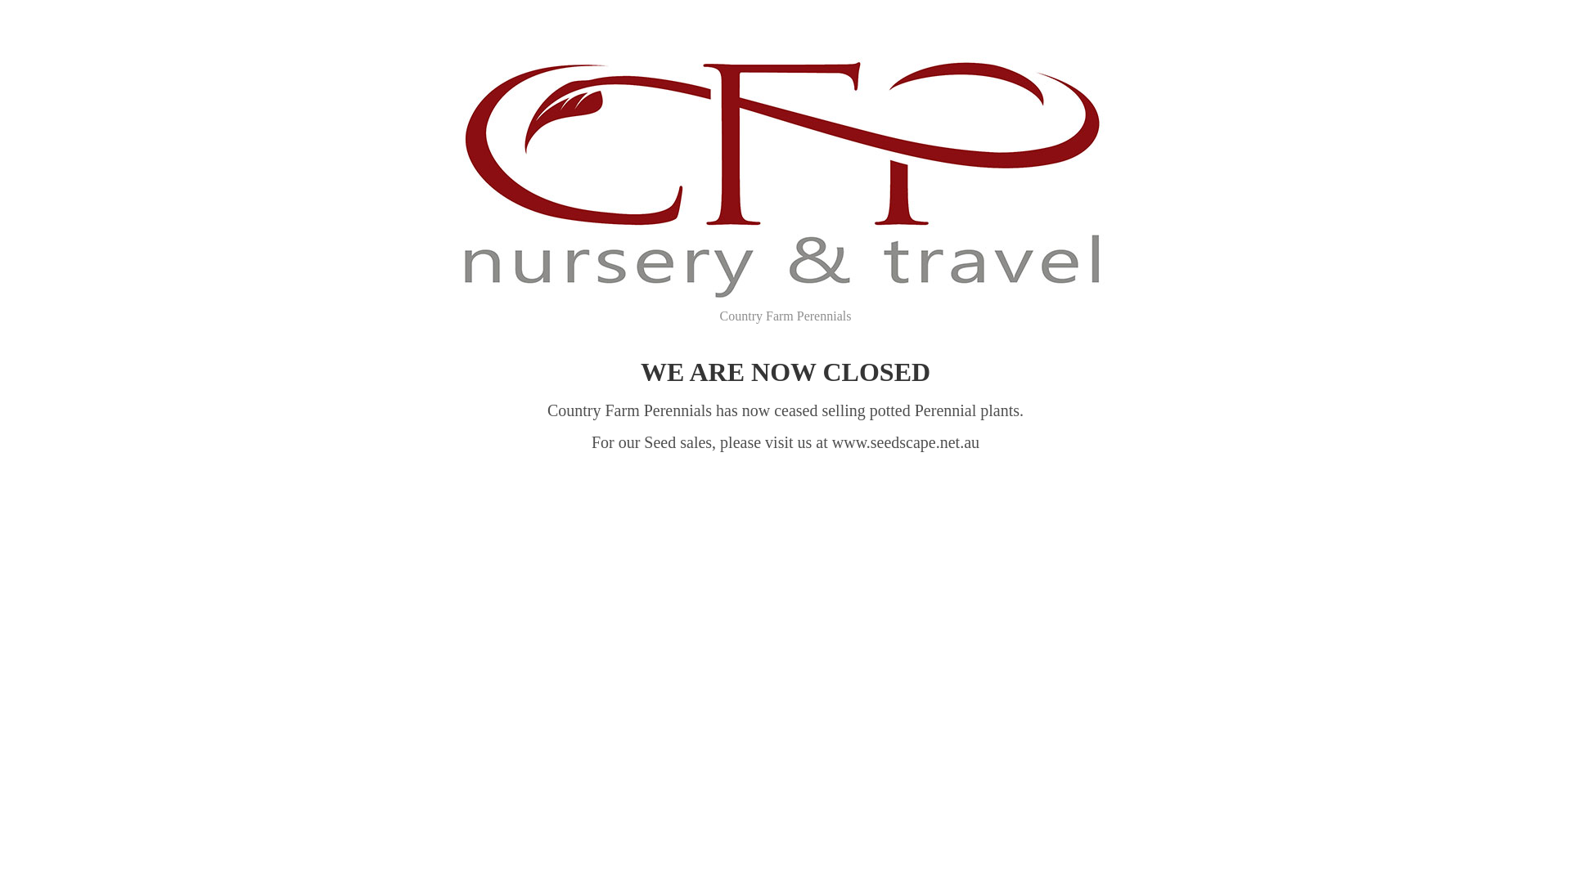 This screenshot has height=883, width=1571. Describe the element at coordinates (785, 190) in the screenshot. I see `'Country Farm Perennials'` at that location.